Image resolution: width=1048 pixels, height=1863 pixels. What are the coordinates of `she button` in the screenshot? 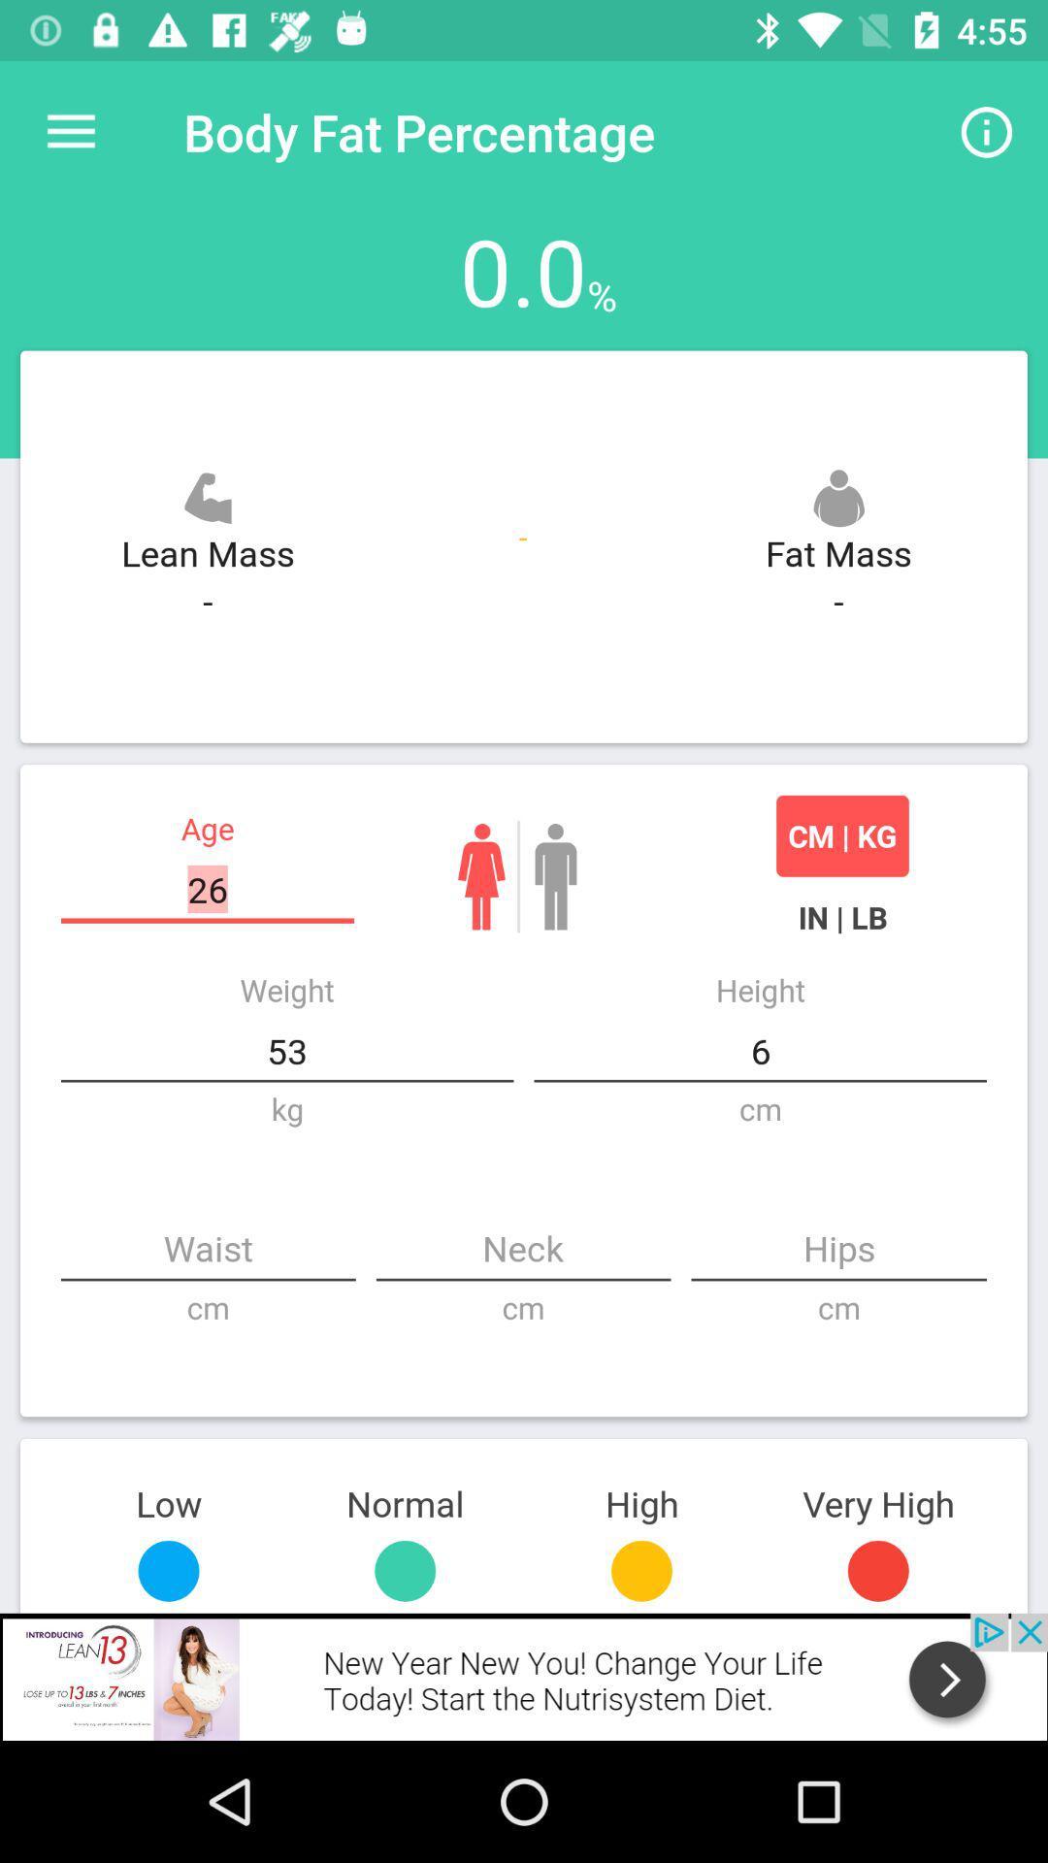 It's located at (480, 875).